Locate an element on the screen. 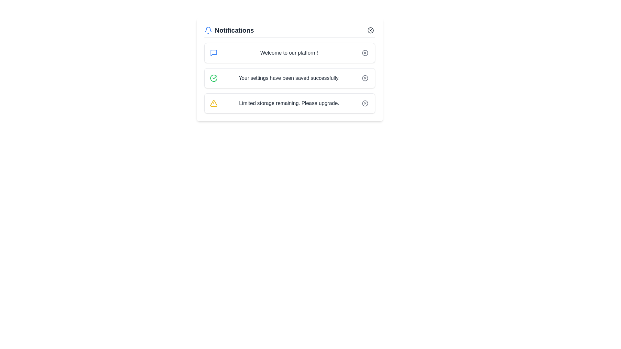 This screenshot has height=349, width=621. the second icon in the notifications panel, which confirms the successful saving of settings, to acknowledge the notification is located at coordinates (214, 78).